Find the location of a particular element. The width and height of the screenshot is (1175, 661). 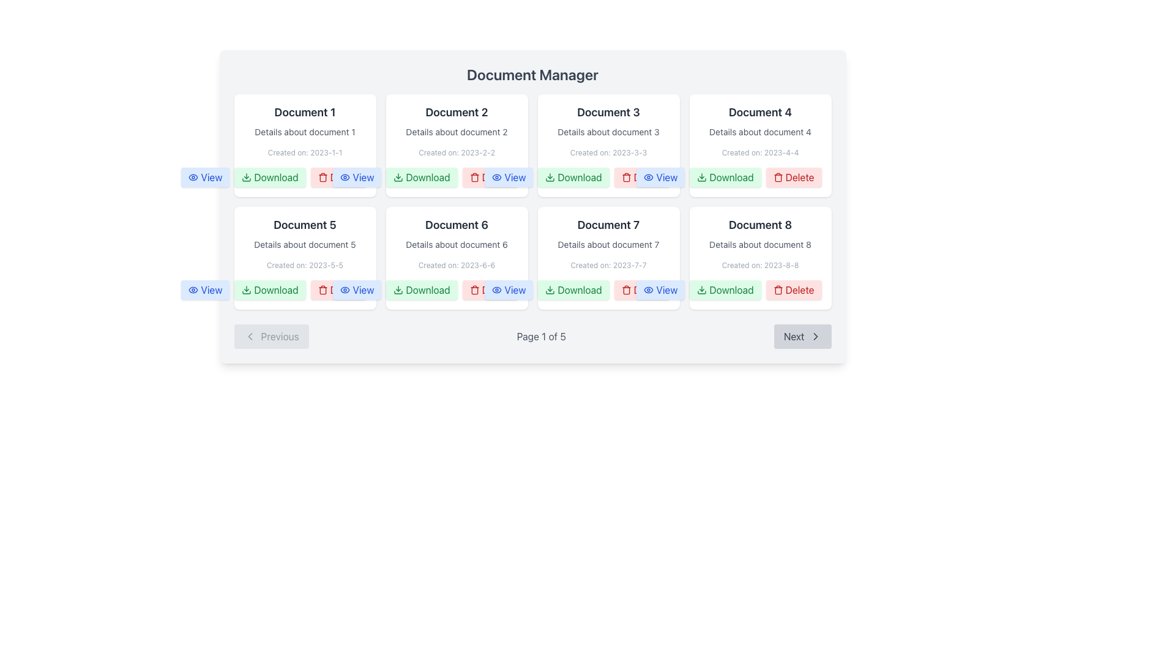

the green 'Download' button with a downward arrow icon located at the bottom-right of the card for 'Document 4' to initiate a download is located at coordinates (725, 177).